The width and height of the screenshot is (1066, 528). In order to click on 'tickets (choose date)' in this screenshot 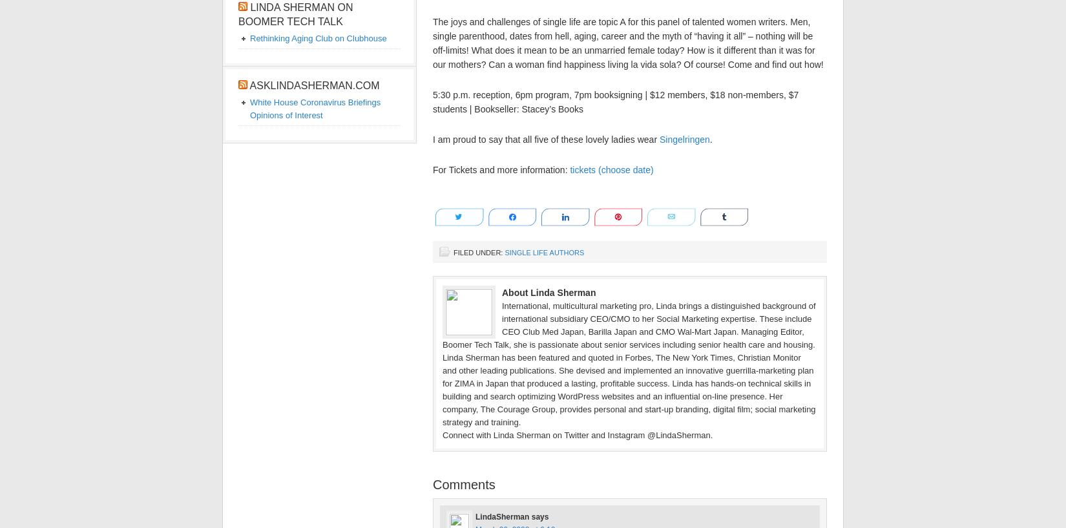, I will do `click(569, 169)`.